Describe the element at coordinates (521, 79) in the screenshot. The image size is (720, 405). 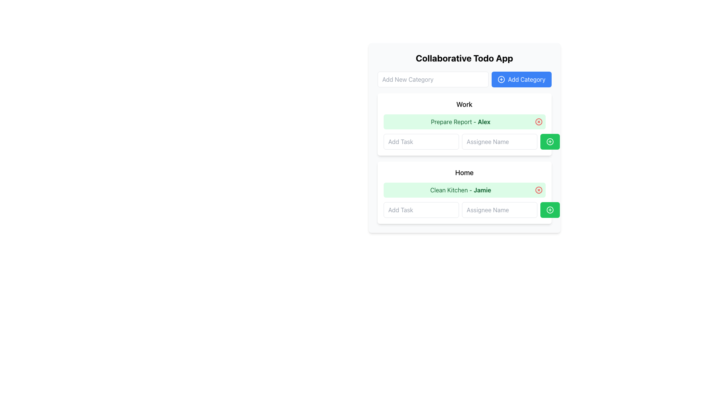
I see `the 'Add Category' button located at the top-right area of the application interface` at that location.